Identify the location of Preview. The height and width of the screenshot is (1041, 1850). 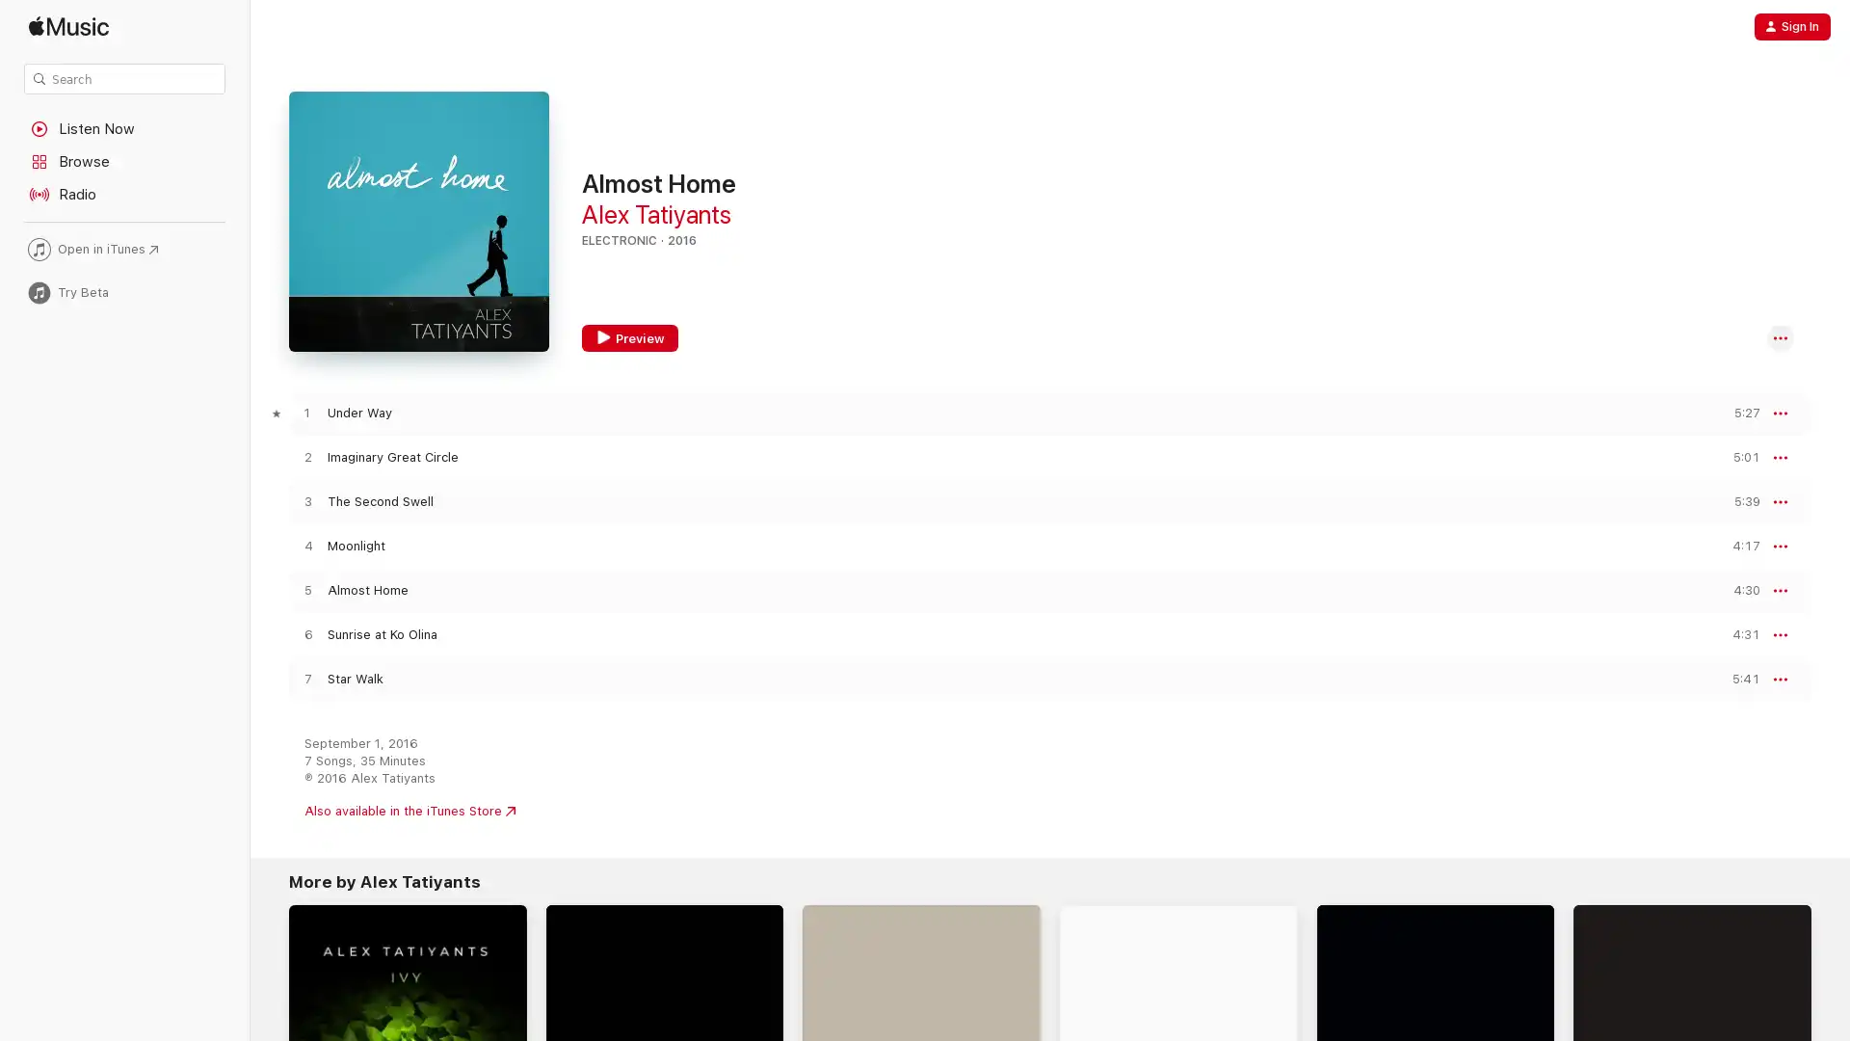
(1738, 546).